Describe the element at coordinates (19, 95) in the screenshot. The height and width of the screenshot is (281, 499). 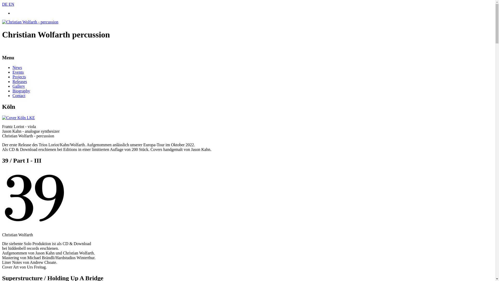
I see `'Contact'` at that location.